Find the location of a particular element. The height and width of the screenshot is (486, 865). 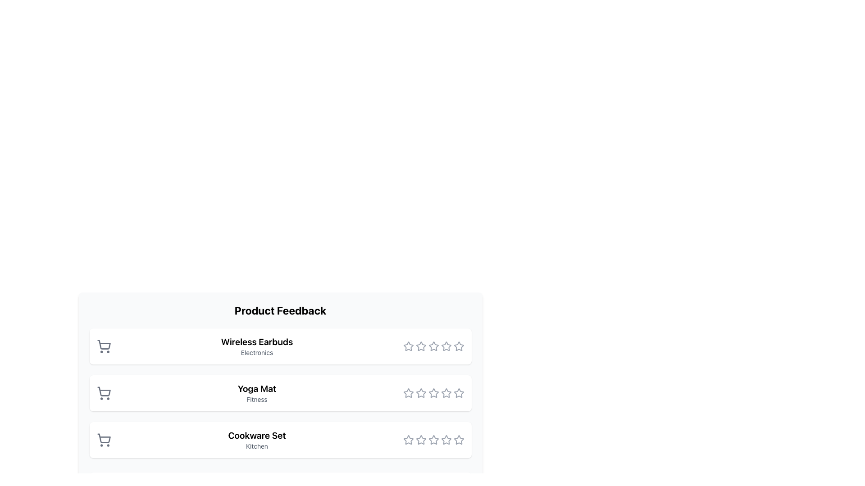

the first star icon is located at coordinates (408, 439).